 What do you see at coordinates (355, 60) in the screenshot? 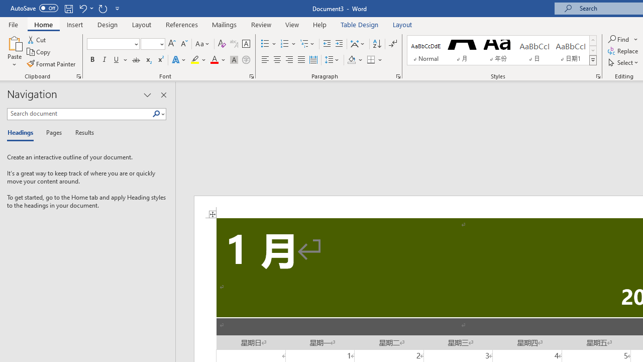
I see `'Shading'` at bounding box center [355, 60].